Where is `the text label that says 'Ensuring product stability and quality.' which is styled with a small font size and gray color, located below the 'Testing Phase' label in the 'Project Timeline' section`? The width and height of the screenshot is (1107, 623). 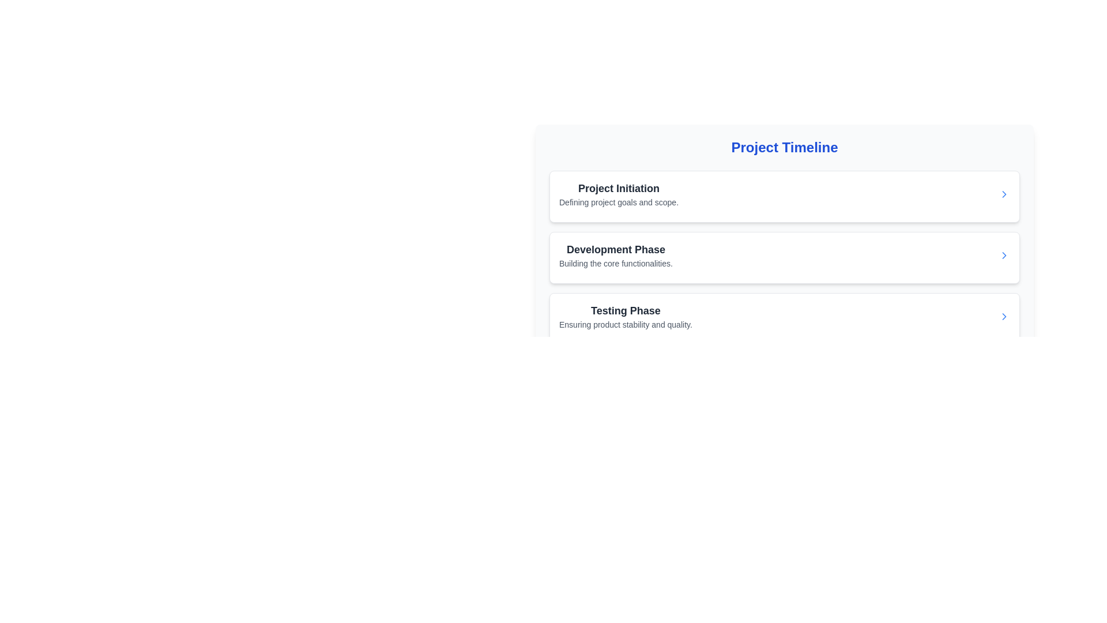 the text label that says 'Ensuring product stability and quality.' which is styled with a small font size and gray color, located below the 'Testing Phase' label in the 'Project Timeline' section is located at coordinates (625, 325).